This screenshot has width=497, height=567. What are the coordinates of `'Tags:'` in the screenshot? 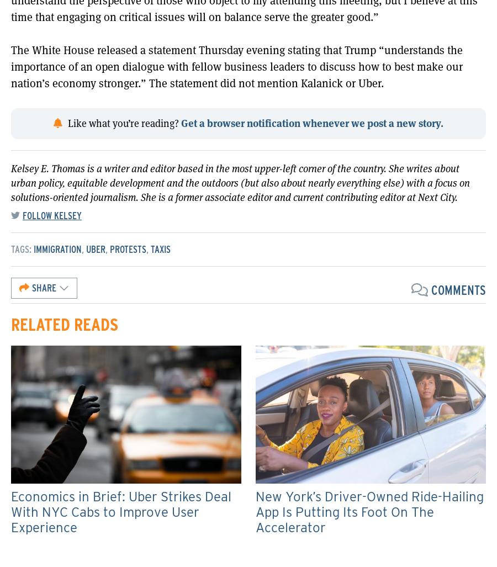 It's located at (22, 248).